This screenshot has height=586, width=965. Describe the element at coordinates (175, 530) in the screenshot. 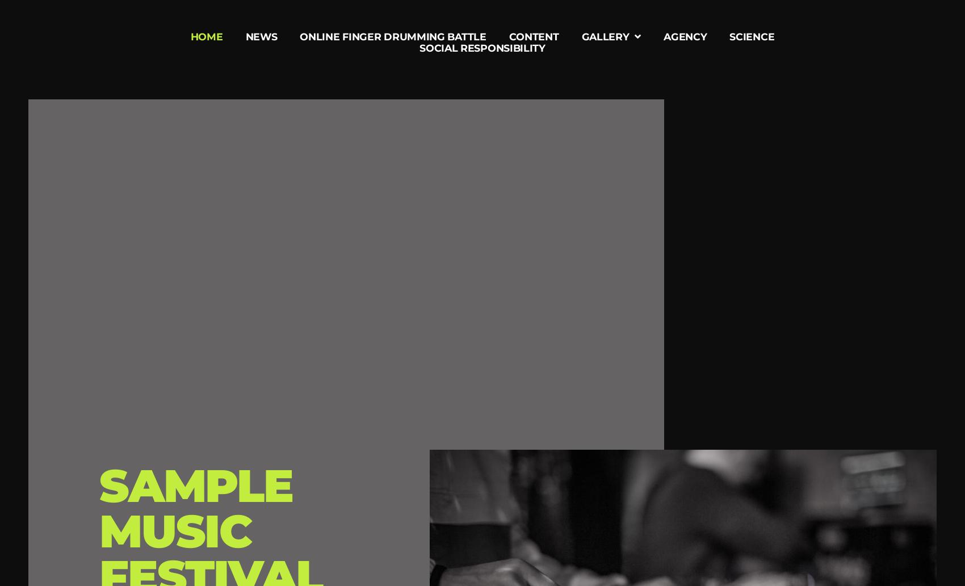

I see `'MUSIC'` at that location.